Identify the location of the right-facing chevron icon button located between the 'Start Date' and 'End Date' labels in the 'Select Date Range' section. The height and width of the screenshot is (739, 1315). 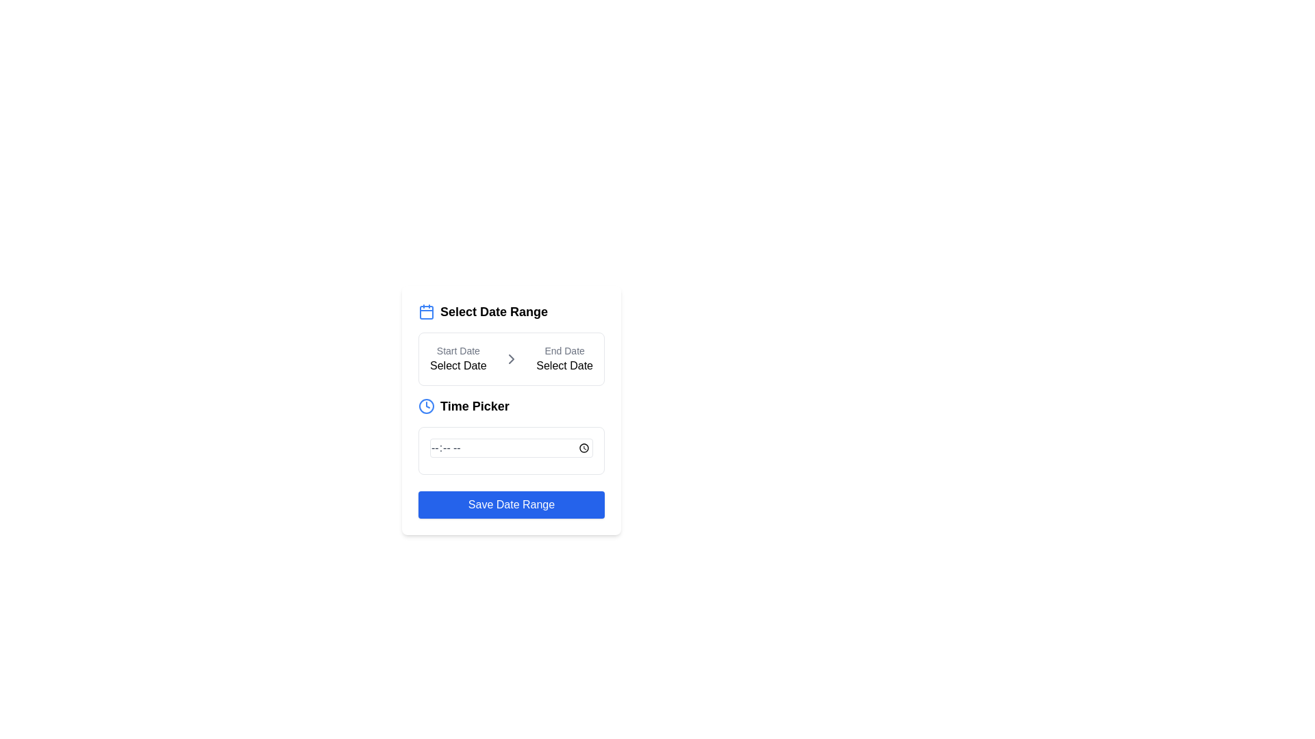
(511, 358).